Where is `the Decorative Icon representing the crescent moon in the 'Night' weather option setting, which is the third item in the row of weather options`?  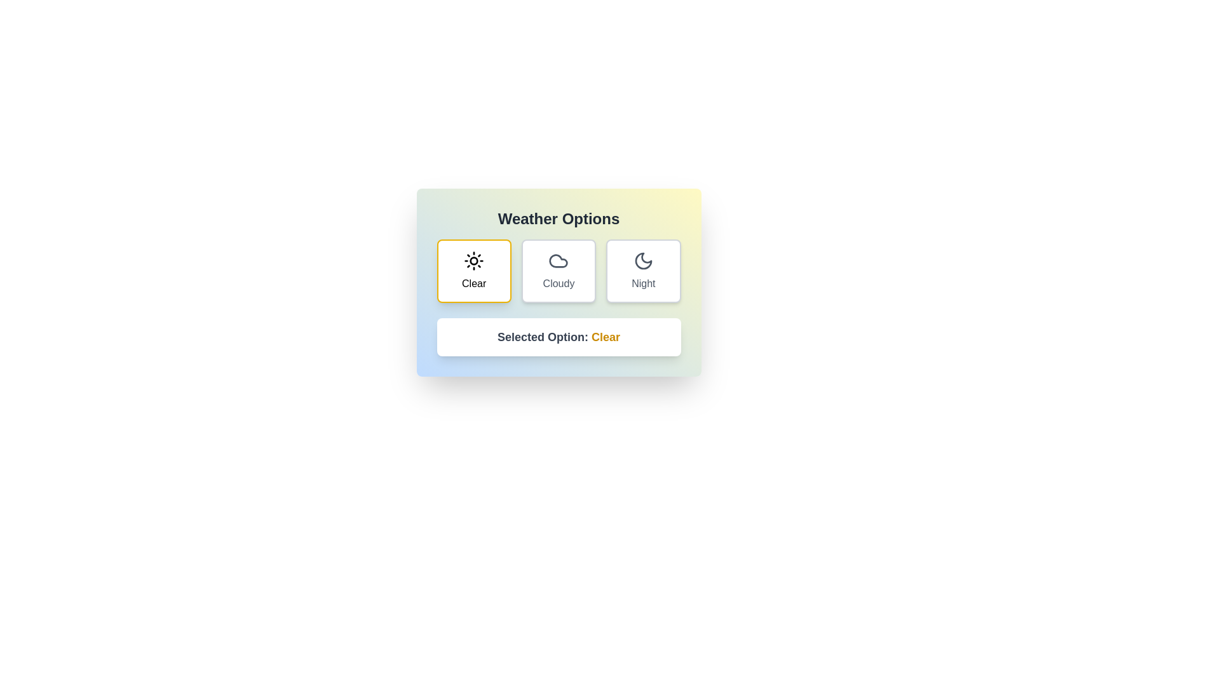 the Decorative Icon representing the crescent moon in the 'Night' weather option setting, which is the third item in the row of weather options is located at coordinates (643, 260).